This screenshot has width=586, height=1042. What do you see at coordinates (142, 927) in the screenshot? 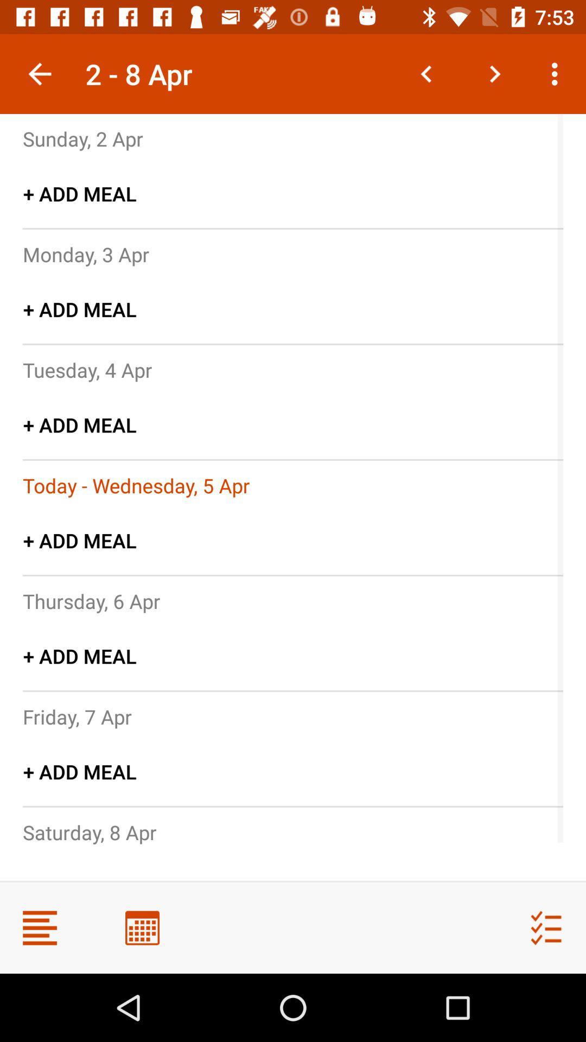
I see `switch to calendar` at bounding box center [142, 927].